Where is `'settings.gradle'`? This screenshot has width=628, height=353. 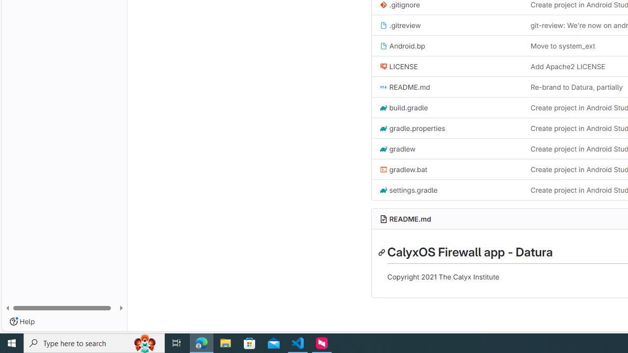
'settings.gradle' is located at coordinates (408, 190).